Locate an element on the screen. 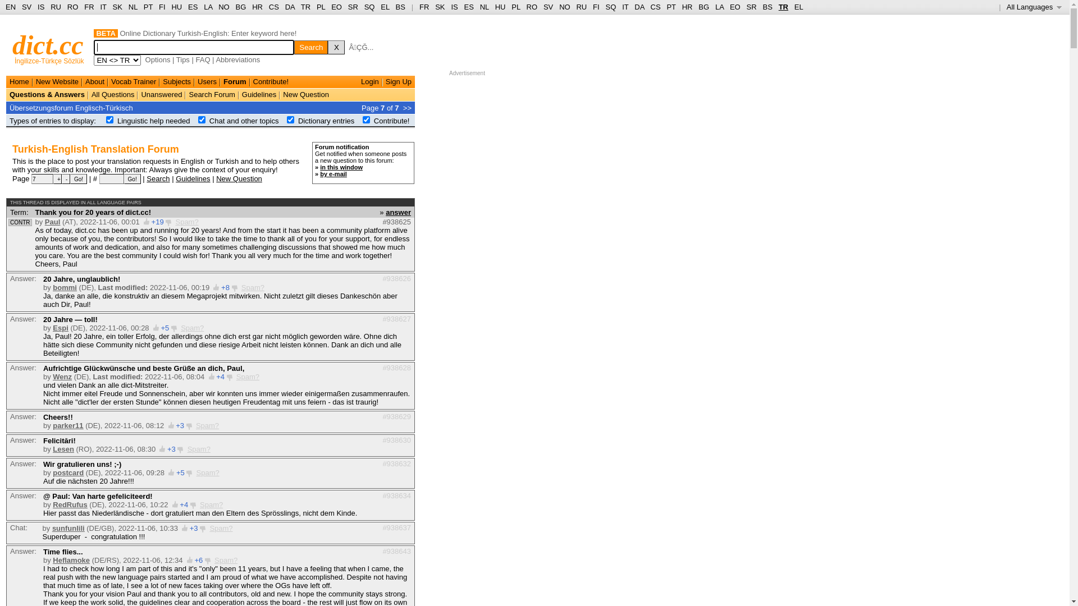  'DA' is located at coordinates (290, 7).